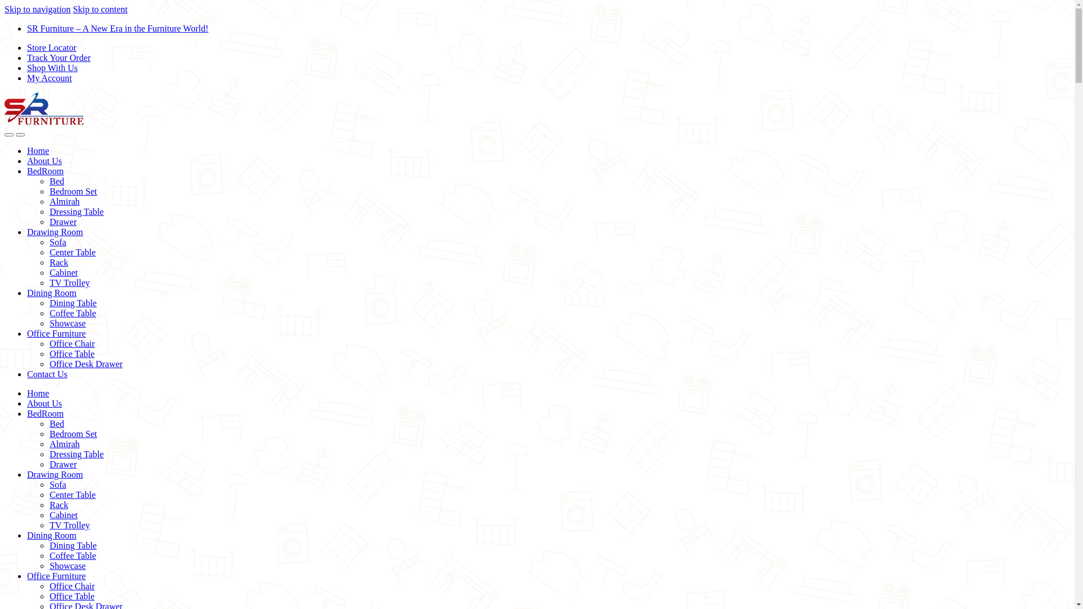  Describe the element at coordinates (49, 433) in the screenshot. I see `'Bedroom Set'` at that location.